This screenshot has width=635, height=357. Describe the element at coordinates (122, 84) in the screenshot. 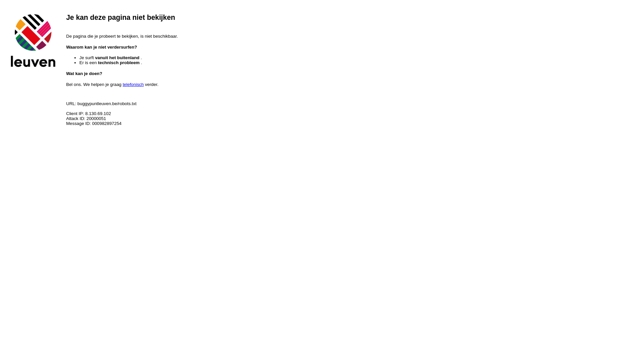

I see `'telefonisch'` at that location.